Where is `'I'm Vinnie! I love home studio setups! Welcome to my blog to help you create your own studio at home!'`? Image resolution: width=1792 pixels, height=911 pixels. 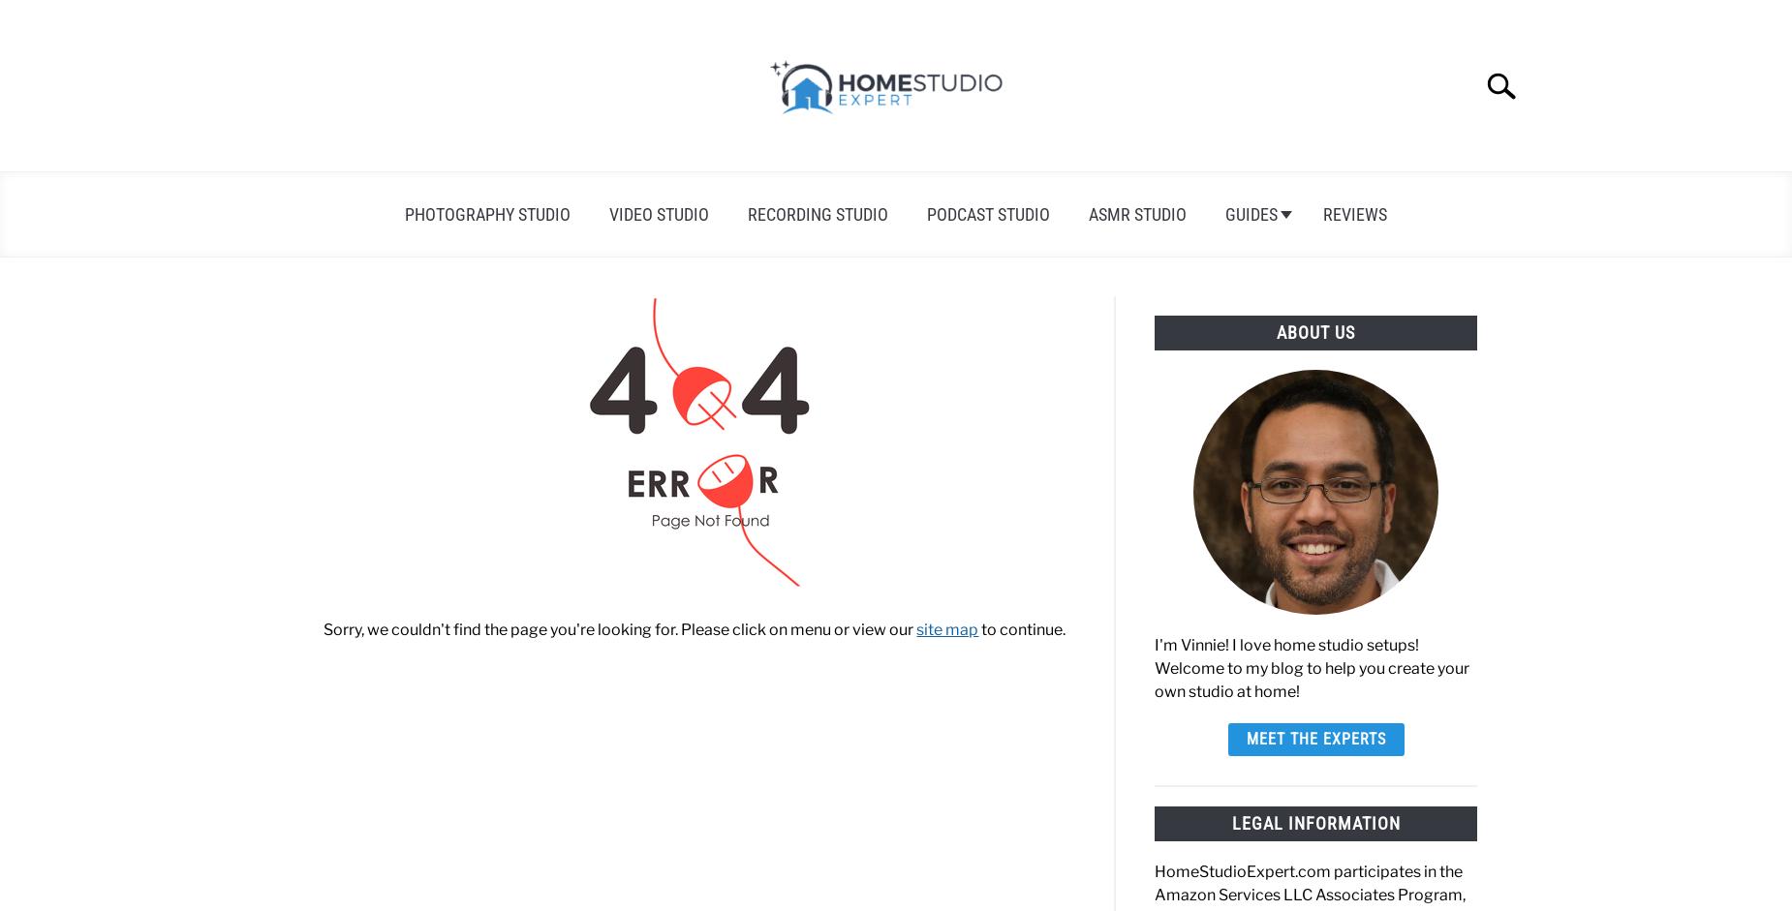
'I'm Vinnie! I love home studio setups! Welcome to my blog to help you create your own studio at home!' is located at coordinates (1153, 667).